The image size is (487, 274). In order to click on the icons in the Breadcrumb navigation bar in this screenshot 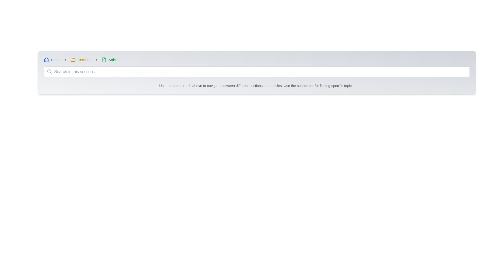, I will do `click(257, 59)`.